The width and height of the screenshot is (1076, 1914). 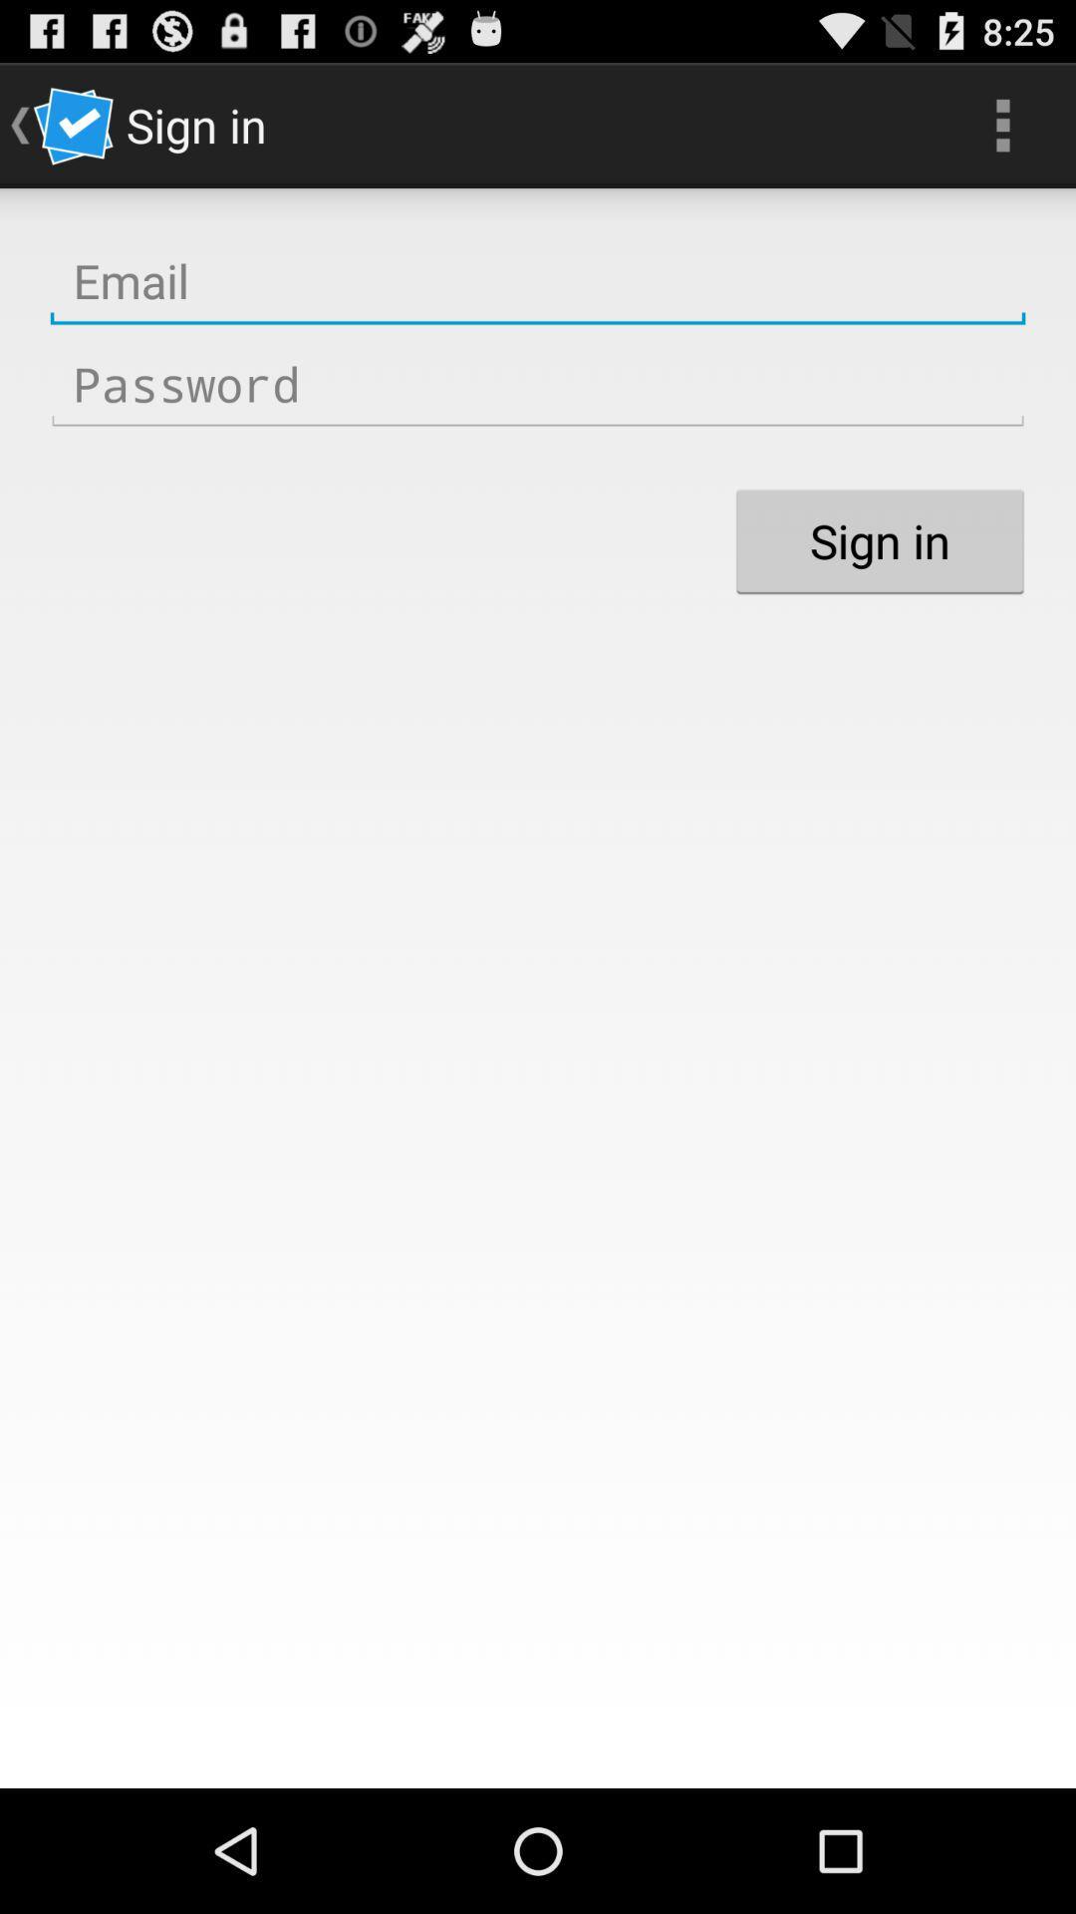 I want to click on type in email, so click(x=538, y=280).